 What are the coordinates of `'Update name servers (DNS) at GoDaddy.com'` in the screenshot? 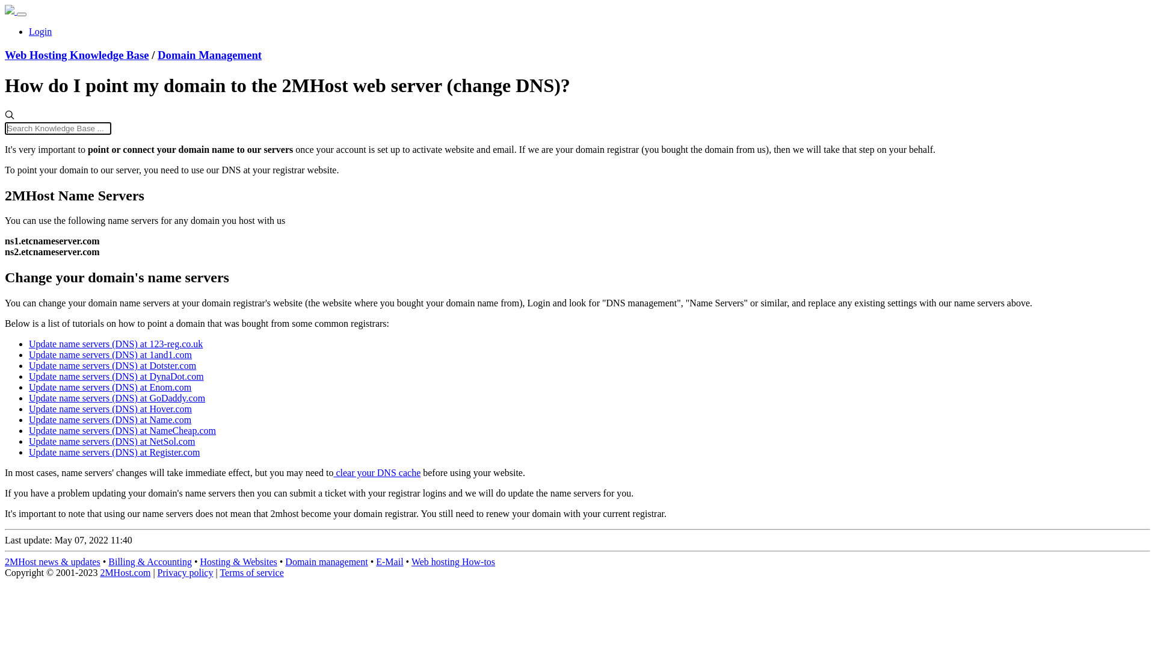 It's located at (117, 398).